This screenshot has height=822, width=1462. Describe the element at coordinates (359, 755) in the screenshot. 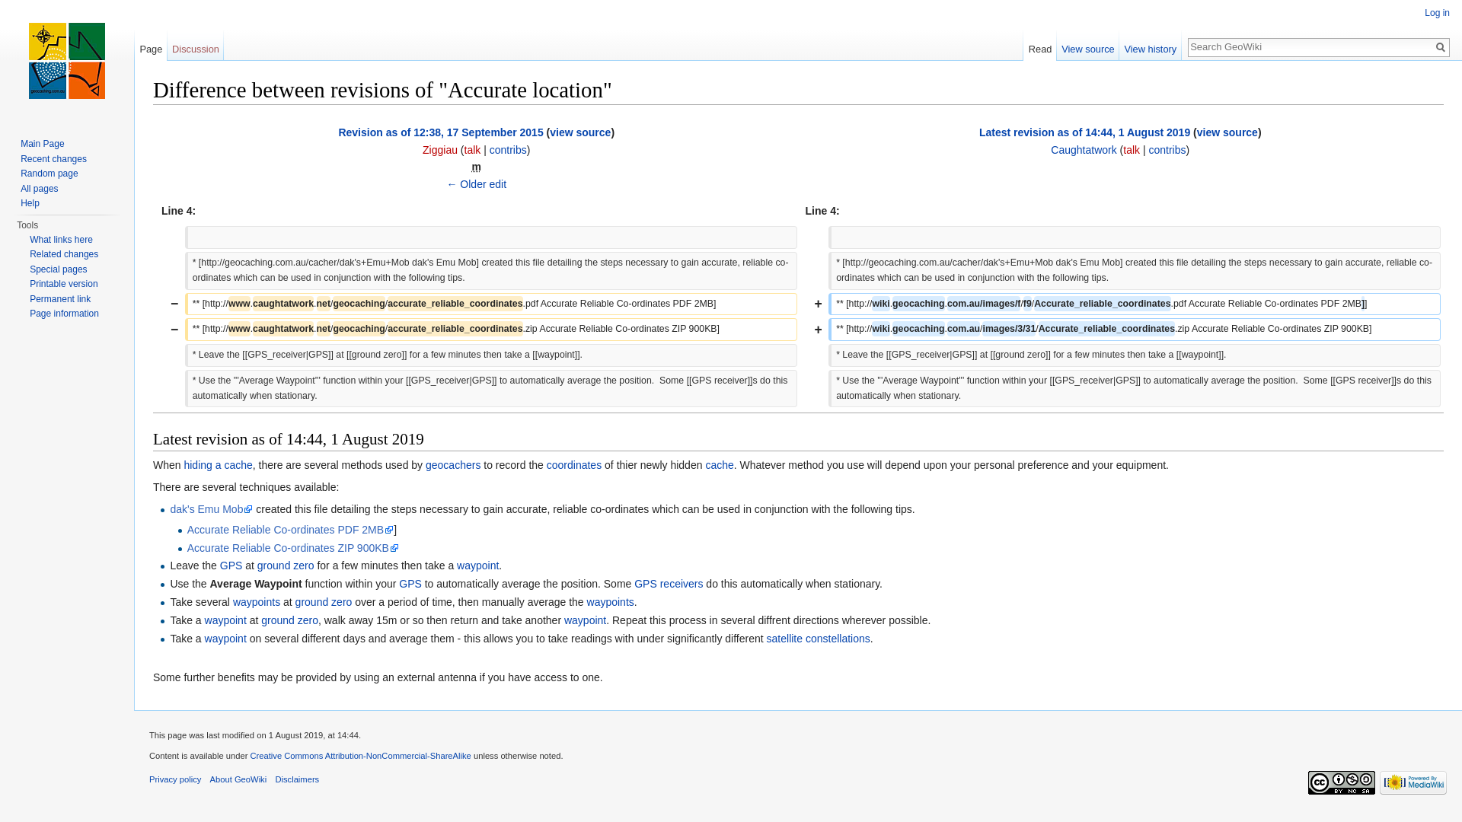

I see `'Creative Commons Attribution-NonCommercial-ShareAlike'` at that location.